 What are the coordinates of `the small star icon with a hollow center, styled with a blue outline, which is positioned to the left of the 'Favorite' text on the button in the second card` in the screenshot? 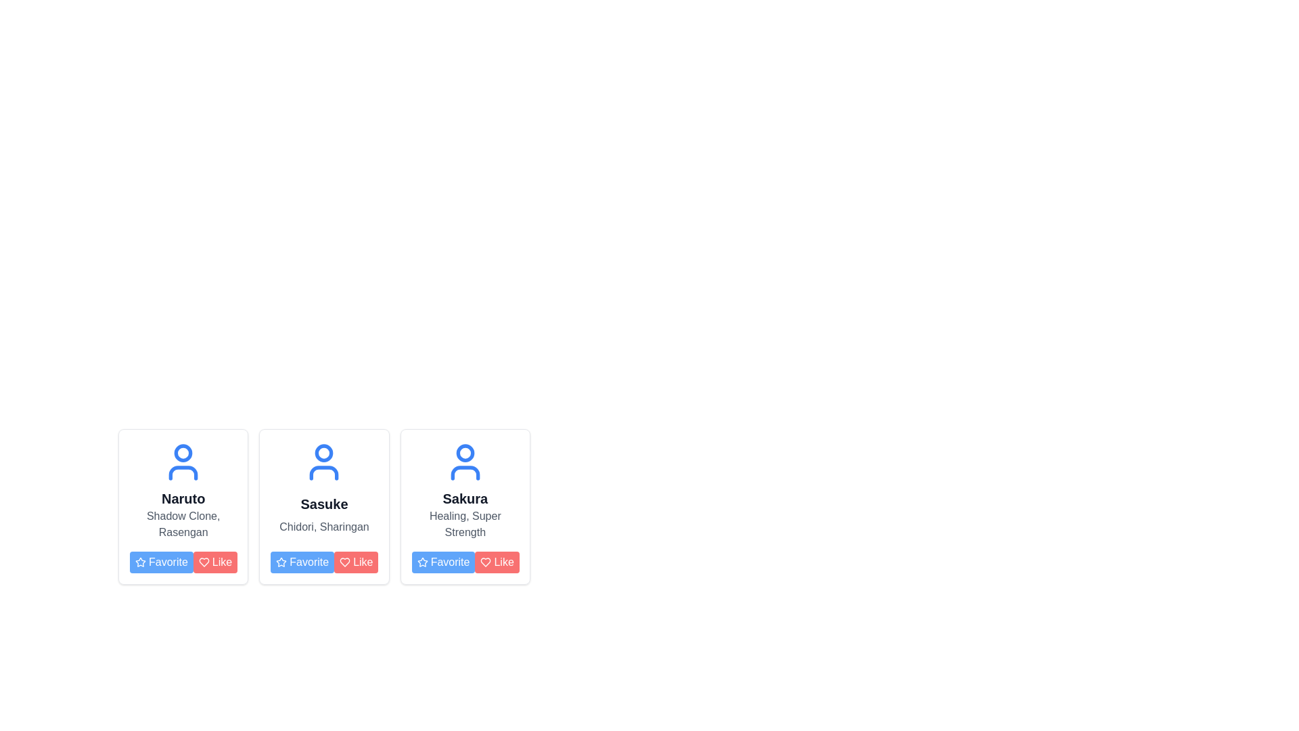 It's located at (281, 562).